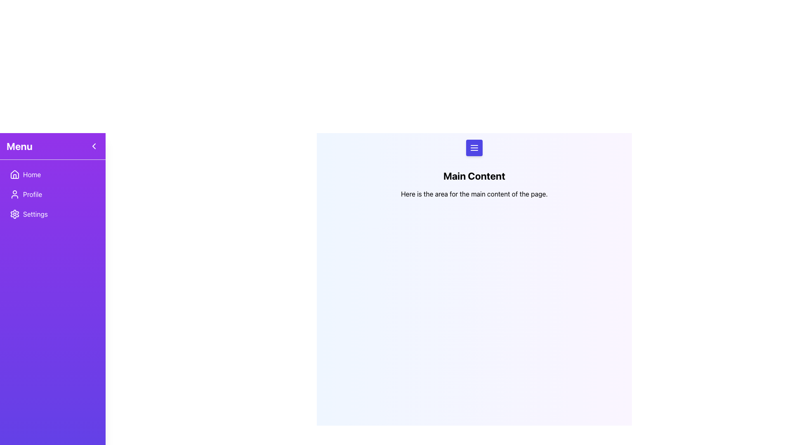  What do you see at coordinates (33, 194) in the screenshot?
I see `text of the 'Profile' label in the vertical navigation menu, which displays in bold white font on a purple background` at bounding box center [33, 194].